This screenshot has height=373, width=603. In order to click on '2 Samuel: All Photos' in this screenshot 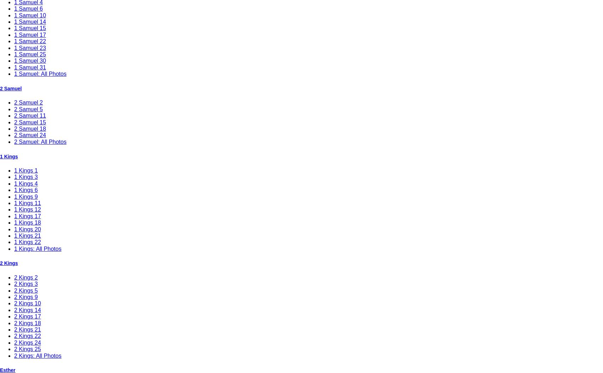, I will do `click(40, 141)`.